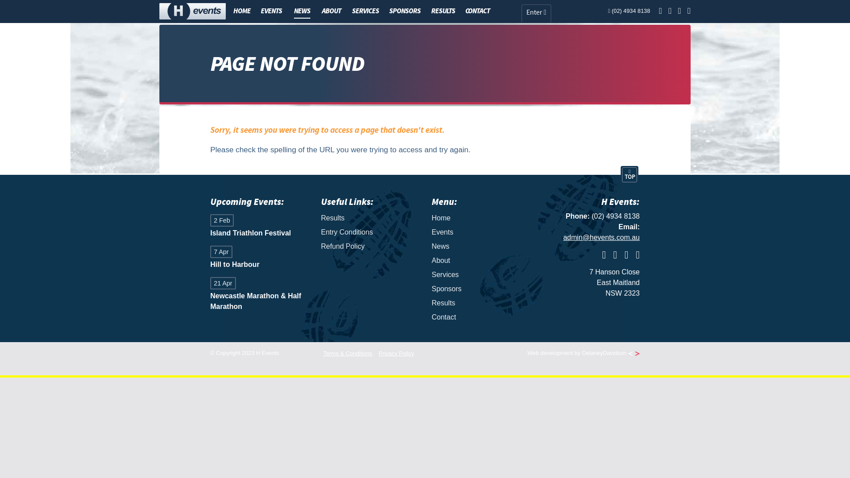 The height and width of the screenshot is (478, 850). What do you see at coordinates (347, 353) in the screenshot?
I see `'Terms & Conditions'` at bounding box center [347, 353].